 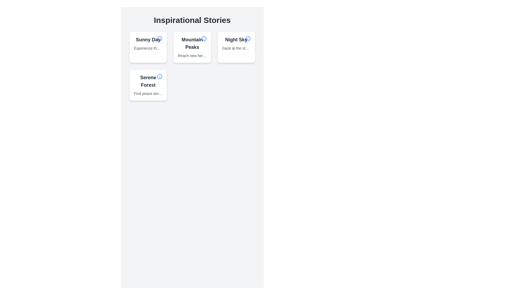 I want to click on the SVG Circle that serves as a visual cue in the information icon located in the top-right corner of the 'Sunny Day' card, so click(x=159, y=38).